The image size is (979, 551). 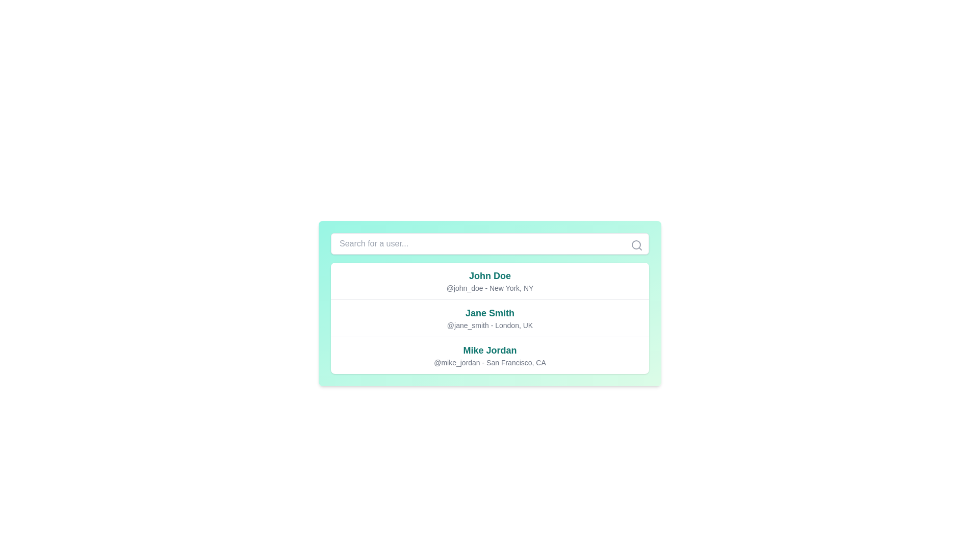 What do you see at coordinates (489, 362) in the screenshot?
I see `the text label that reads '@mike_jordan - San Francisco, CA', which is styled in small gray font and located below the larger text 'Mike Jordan' in a user-detail card` at bounding box center [489, 362].